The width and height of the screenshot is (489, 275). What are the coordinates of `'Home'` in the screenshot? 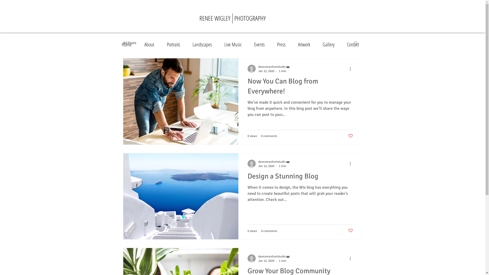 It's located at (129, 44).